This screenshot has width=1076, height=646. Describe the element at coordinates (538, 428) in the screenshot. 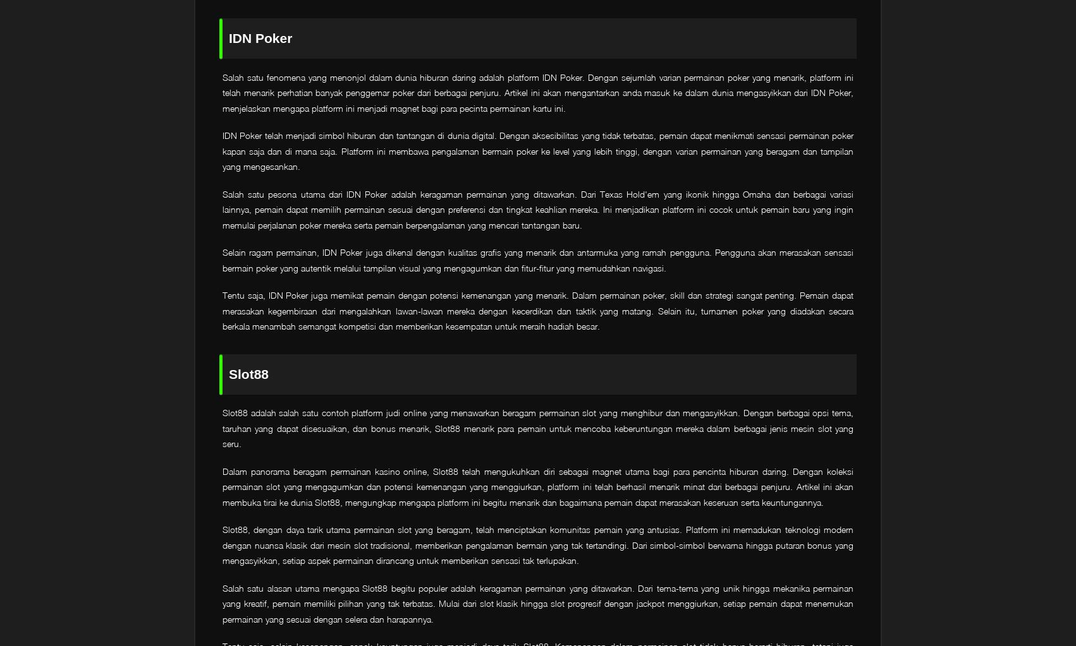

I see `'Slot88 adalah salah satu contoh platform judi online yang menawarkan beragam permainan slot yang menghibur dan mengasyikkan. Dengan berbagai opsi tema, taruhan yang dapat disesuaikan, dan bonus menarik, Slot88 menarik para pemain untuk mencoba keberuntungan mereka dalam berbagai jenis mesin slot yang seru.'` at that location.